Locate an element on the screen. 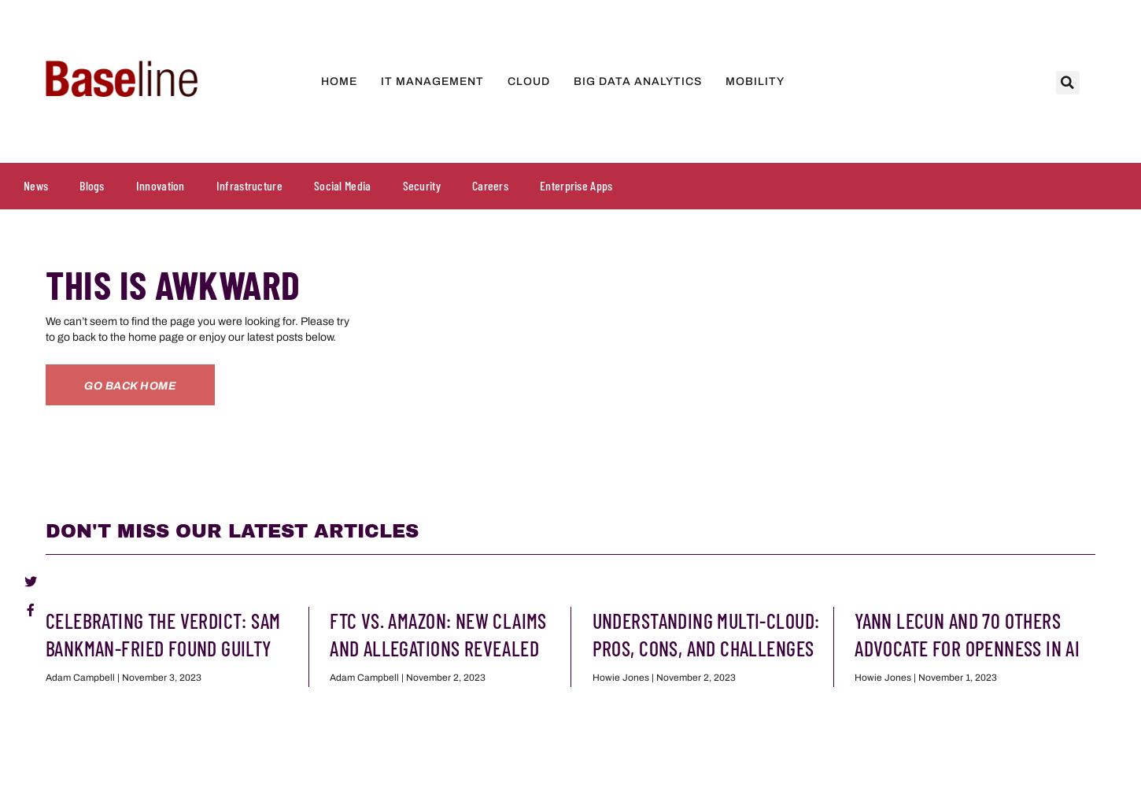  'Social Media' is located at coordinates (341, 184).